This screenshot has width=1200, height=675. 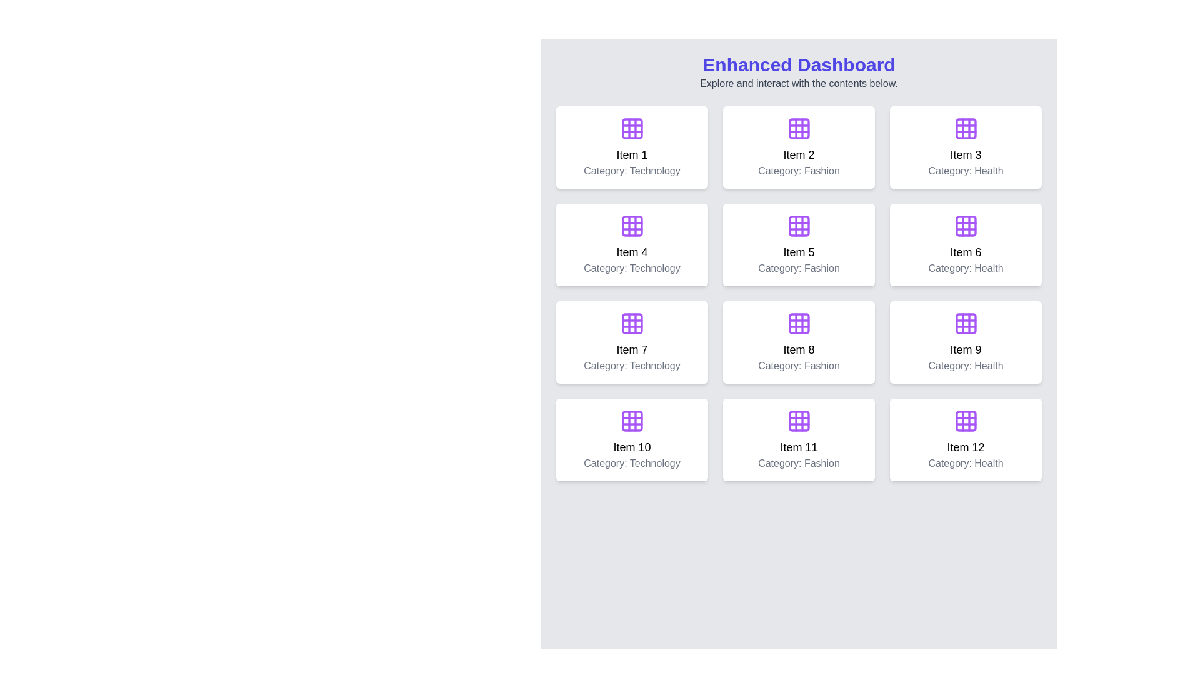 What do you see at coordinates (798, 245) in the screenshot?
I see `displayed text from the card with a purple grid-like icon and text 'Item 5' in bold black and 'Category: Fashion' in gray, located in the second row, second column of the dashboard interface` at bounding box center [798, 245].